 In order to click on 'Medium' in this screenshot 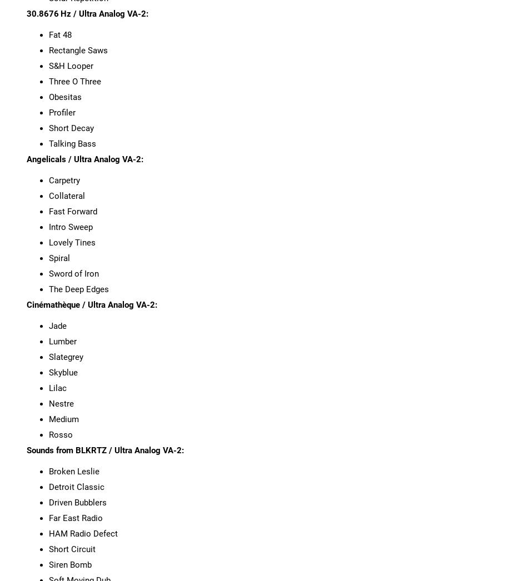, I will do `click(63, 418)`.